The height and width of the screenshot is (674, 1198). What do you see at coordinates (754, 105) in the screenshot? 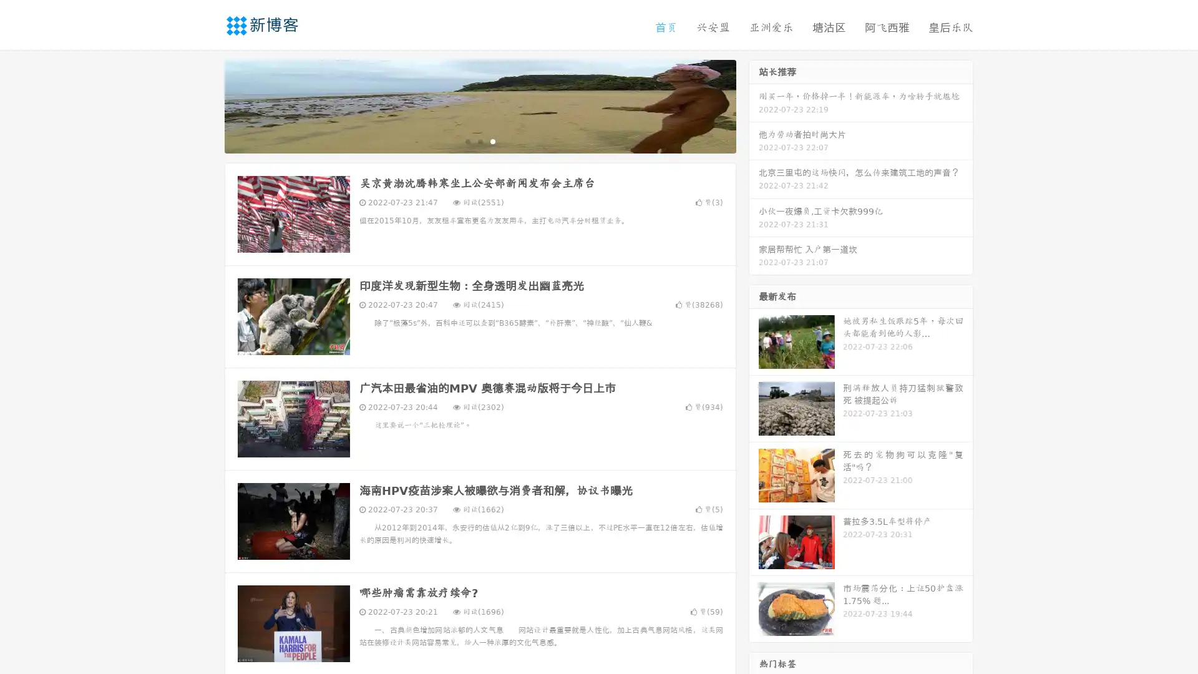
I see `Next slide` at bounding box center [754, 105].